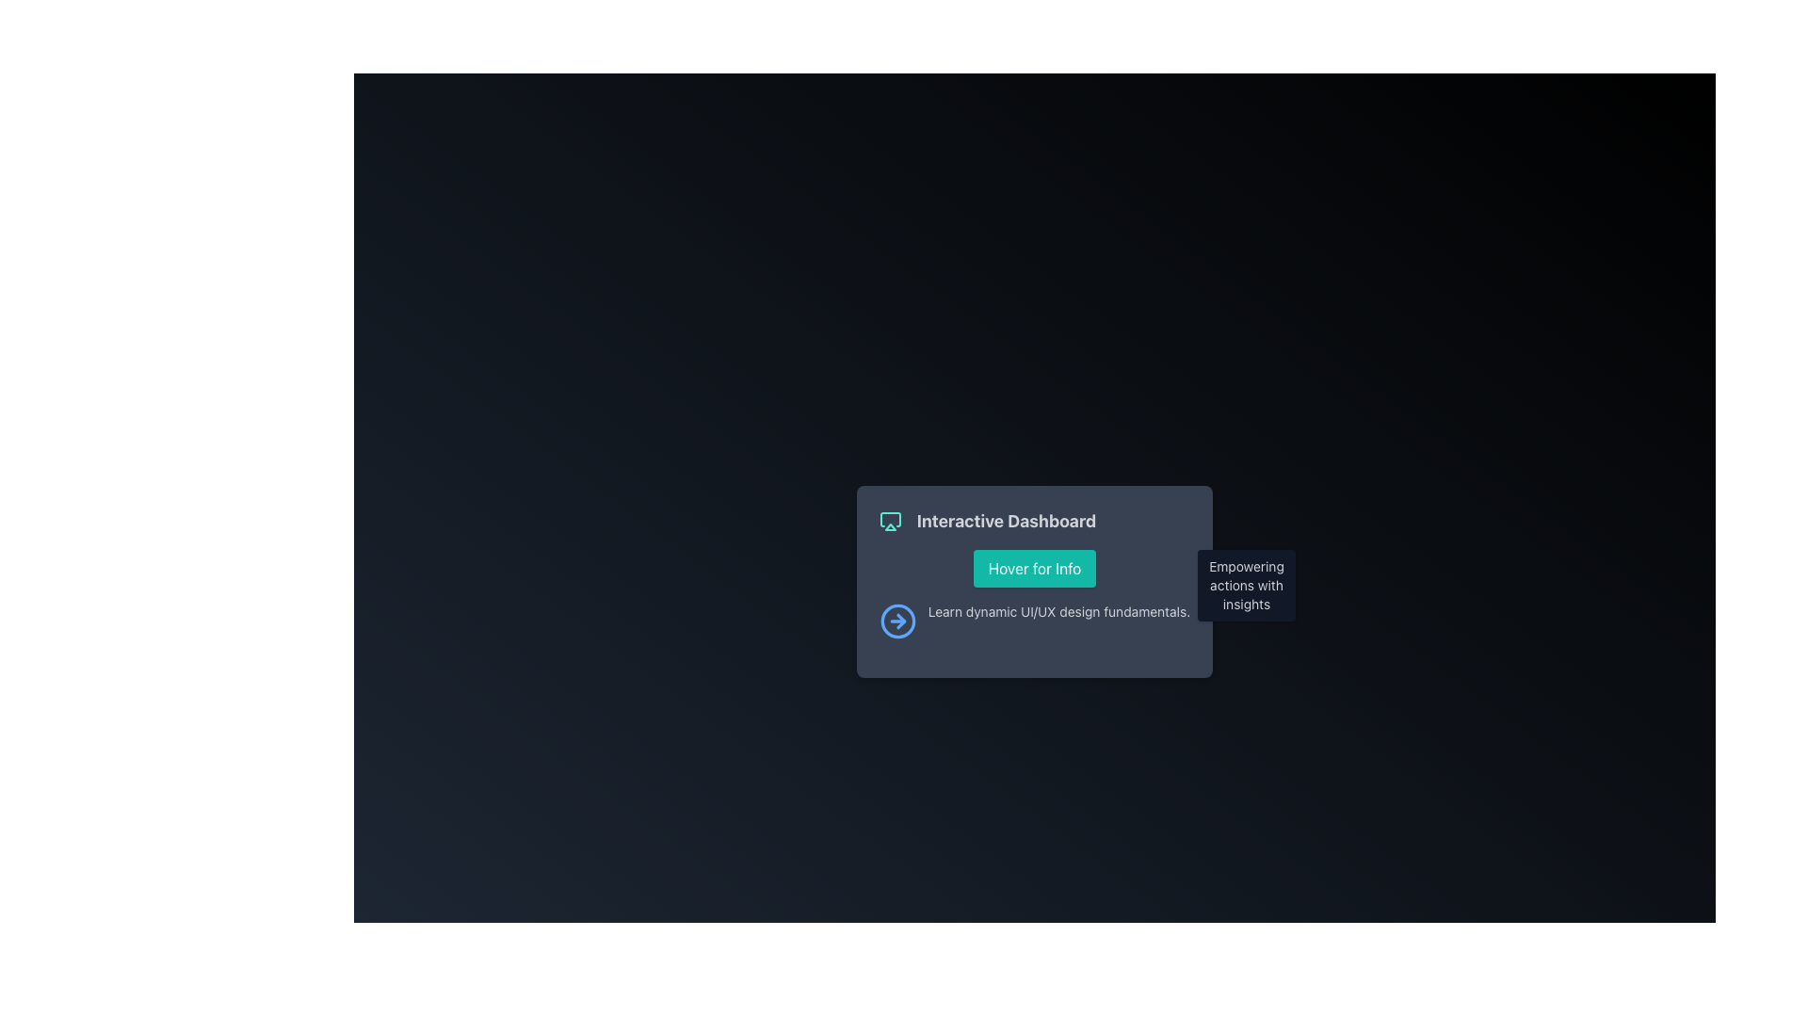 The width and height of the screenshot is (1808, 1017). Describe the element at coordinates (1034, 621) in the screenshot. I see `information provided in the text label that reads 'Learn dynamic UI/UX design fundamentals.' which is accompanied by a blue circular arrow icon` at that location.